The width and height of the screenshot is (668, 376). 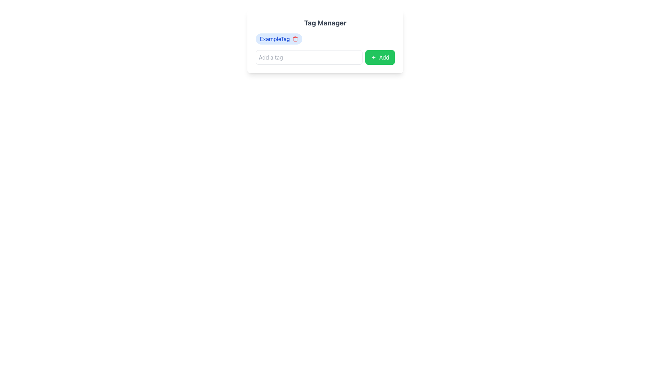 I want to click on the addition icon located inside the green rectangular 'Add' button, positioned at the left end of the button, so click(x=373, y=57).